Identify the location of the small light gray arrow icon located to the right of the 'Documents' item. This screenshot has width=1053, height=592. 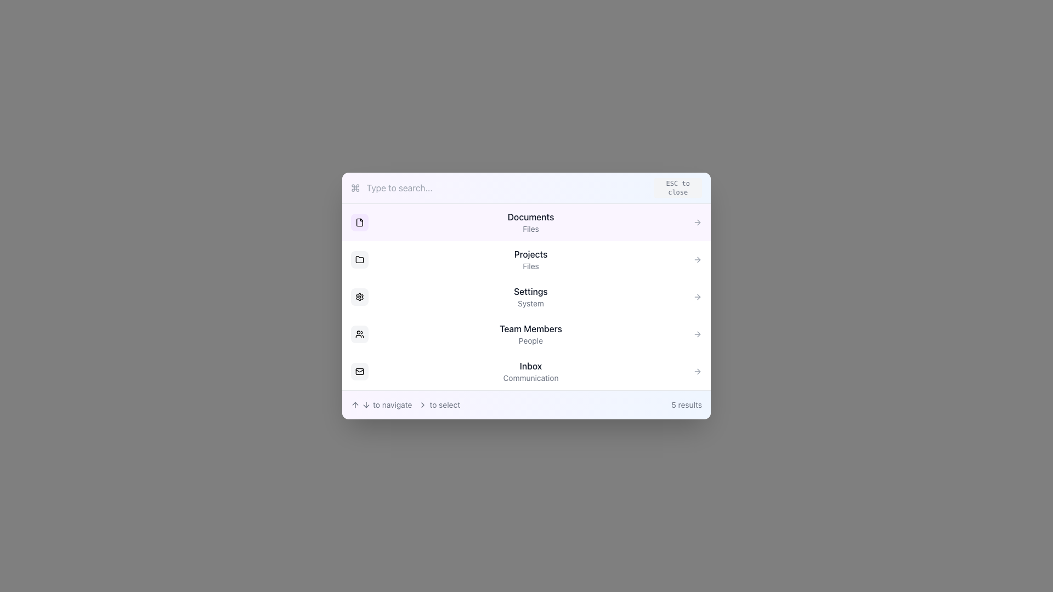
(697, 222).